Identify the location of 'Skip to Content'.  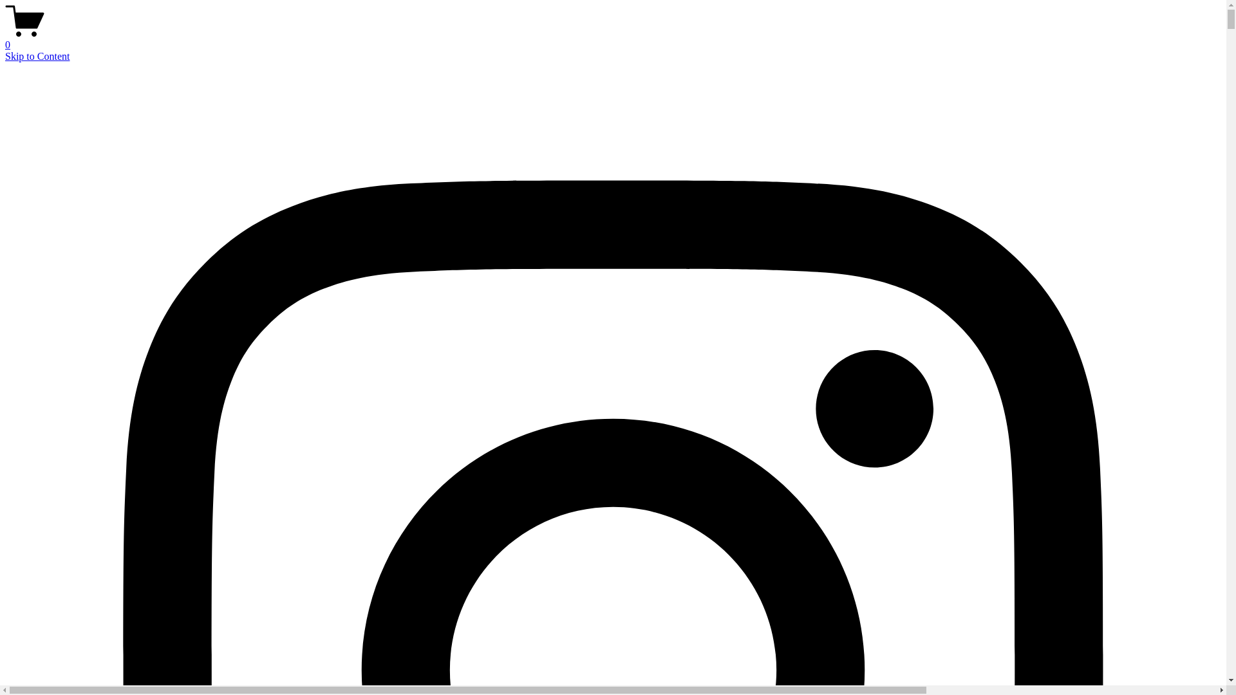
(37, 55).